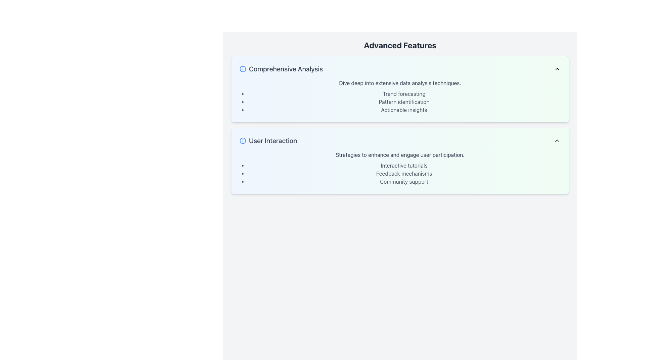 This screenshot has height=362, width=645. What do you see at coordinates (281, 69) in the screenshot?
I see `text label displaying 'Comprehensive Analysis' in bold gray font located above the 'User Interaction' card in the 'Advanced Features' section` at bounding box center [281, 69].